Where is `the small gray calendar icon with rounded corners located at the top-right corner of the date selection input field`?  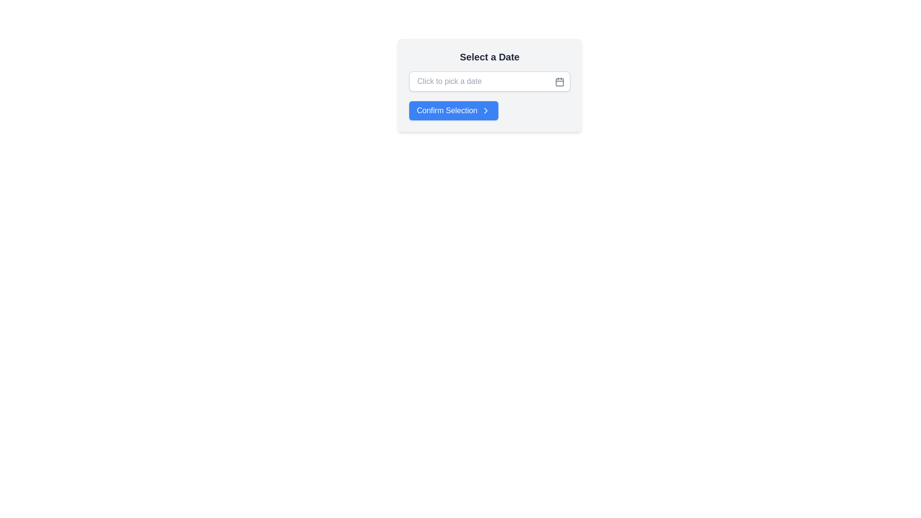 the small gray calendar icon with rounded corners located at the top-right corner of the date selection input field is located at coordinates (559, 81).